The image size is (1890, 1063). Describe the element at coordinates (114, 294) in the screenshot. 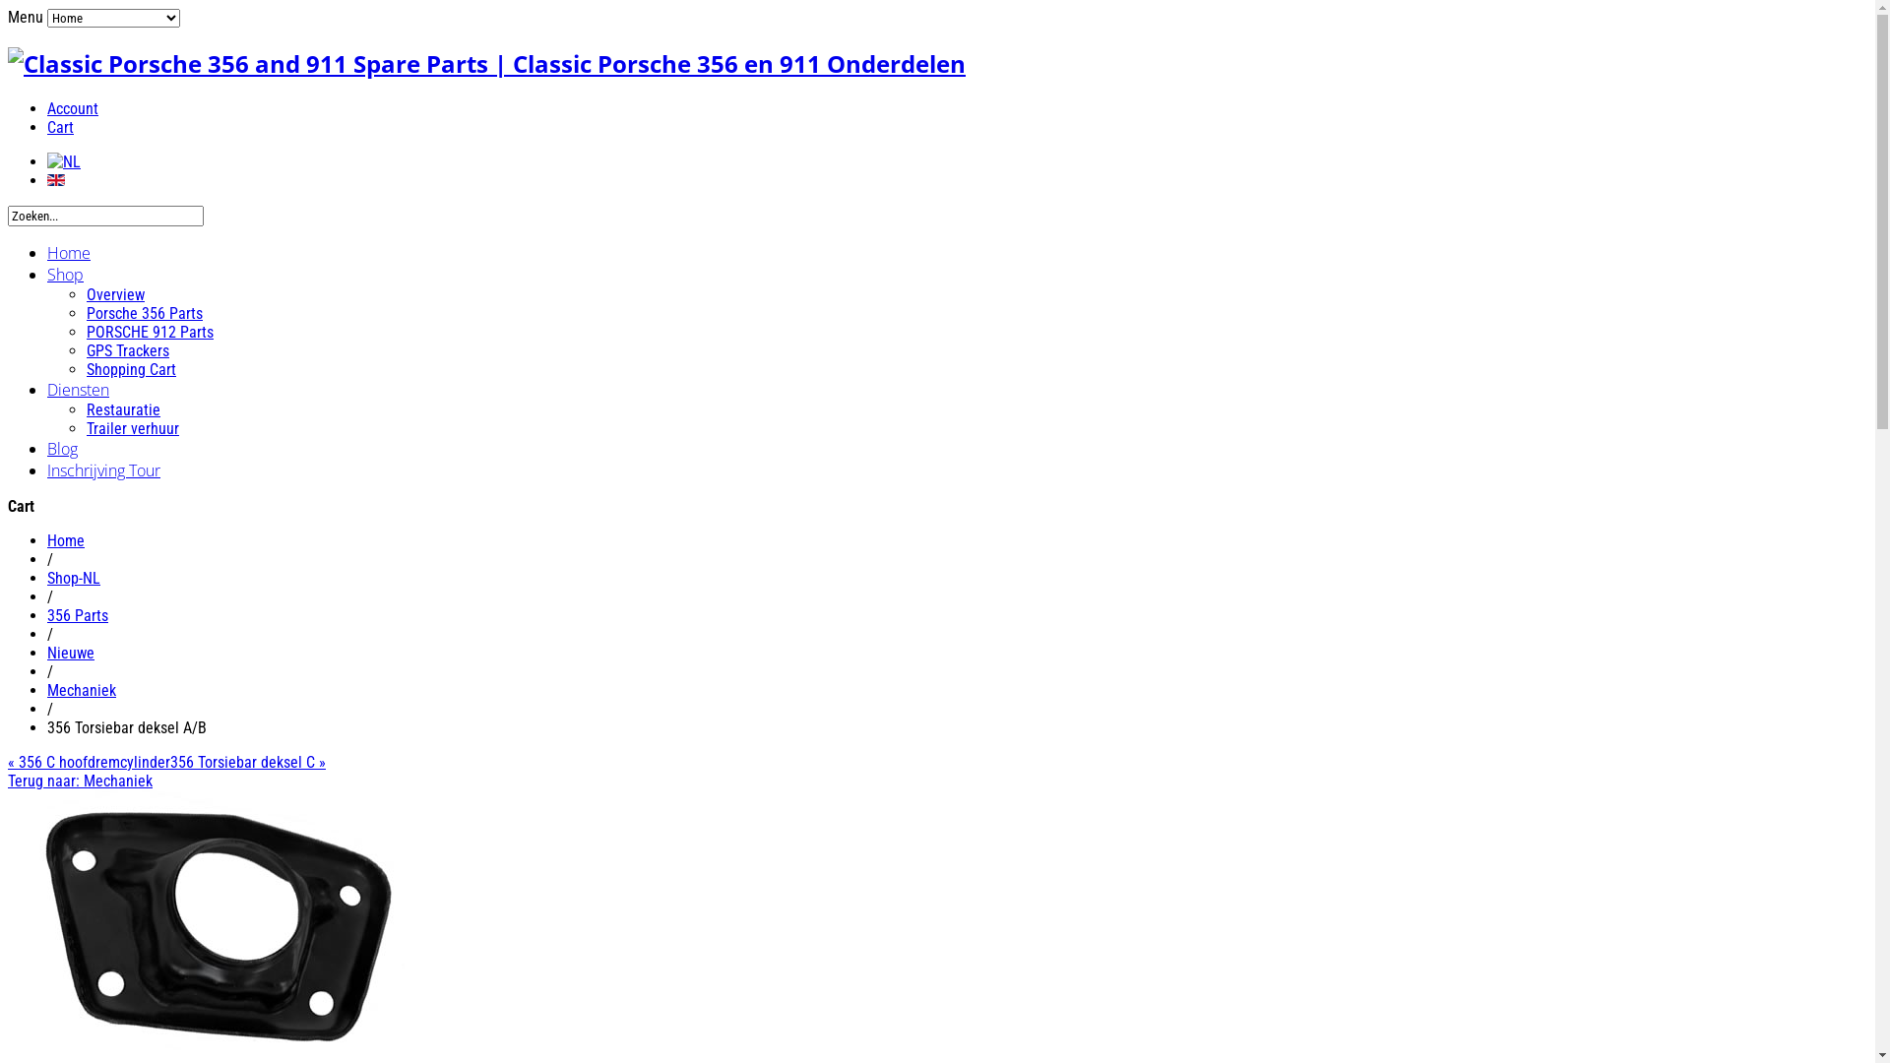

I see `'Overview'` at that location.